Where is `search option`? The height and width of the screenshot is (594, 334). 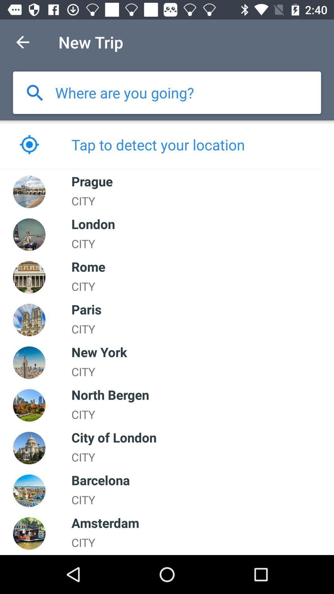 search option is located at coordinates (35, 92).